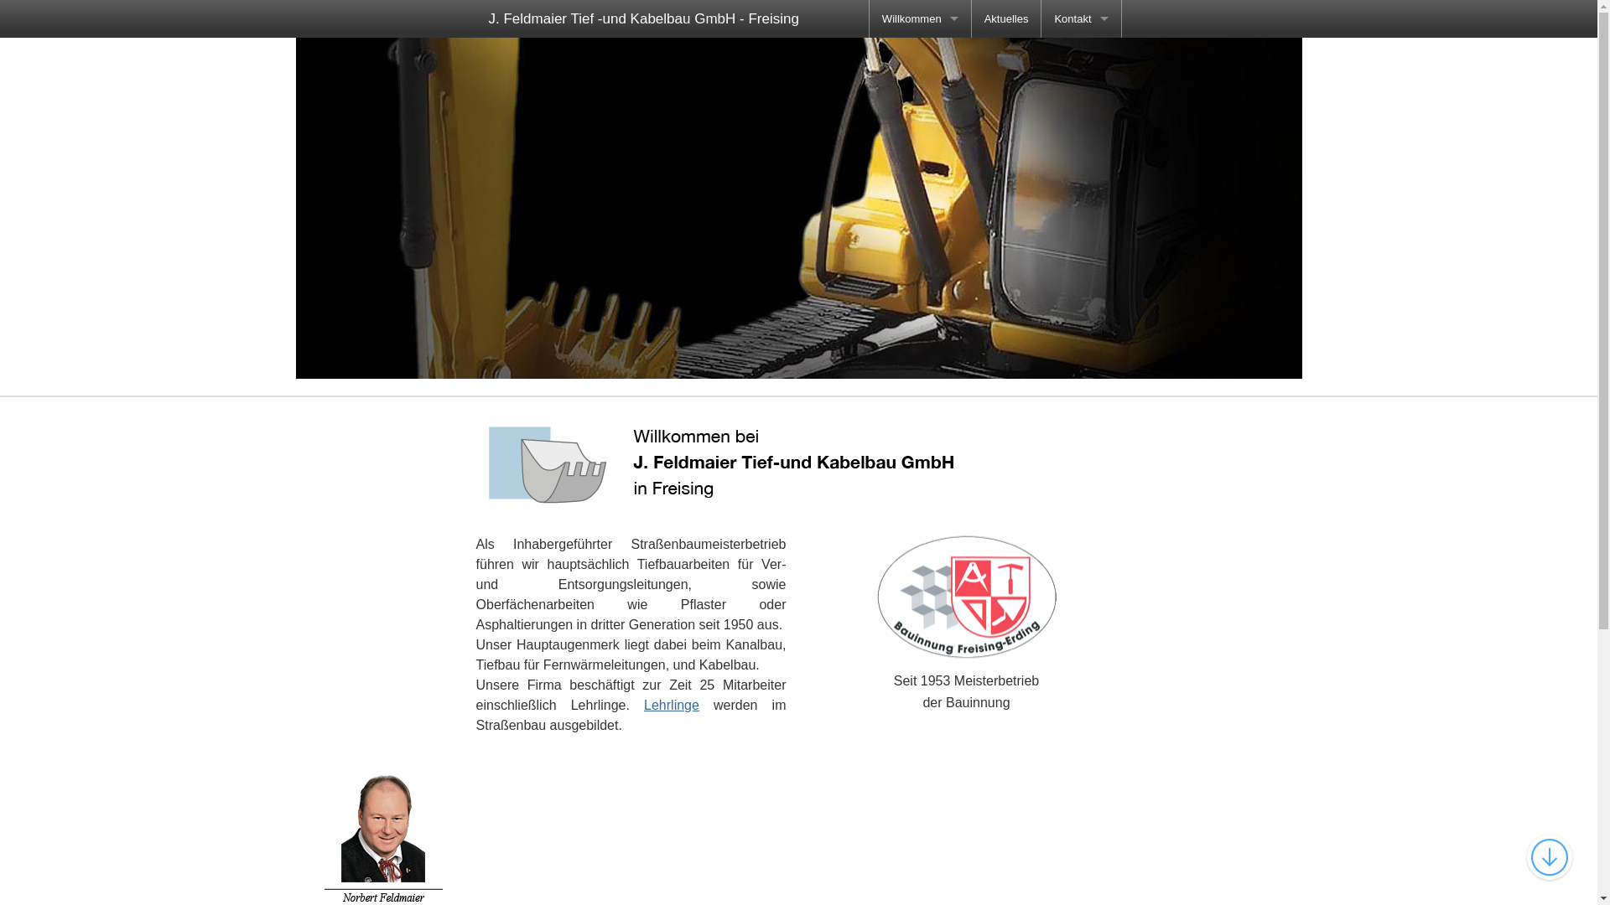 Image resolution: width=1610 pixels, height=905 pixels. Describe the element at coordinates (1041, 55) in the screenshot. I see `'Anfahrt'` at that location.